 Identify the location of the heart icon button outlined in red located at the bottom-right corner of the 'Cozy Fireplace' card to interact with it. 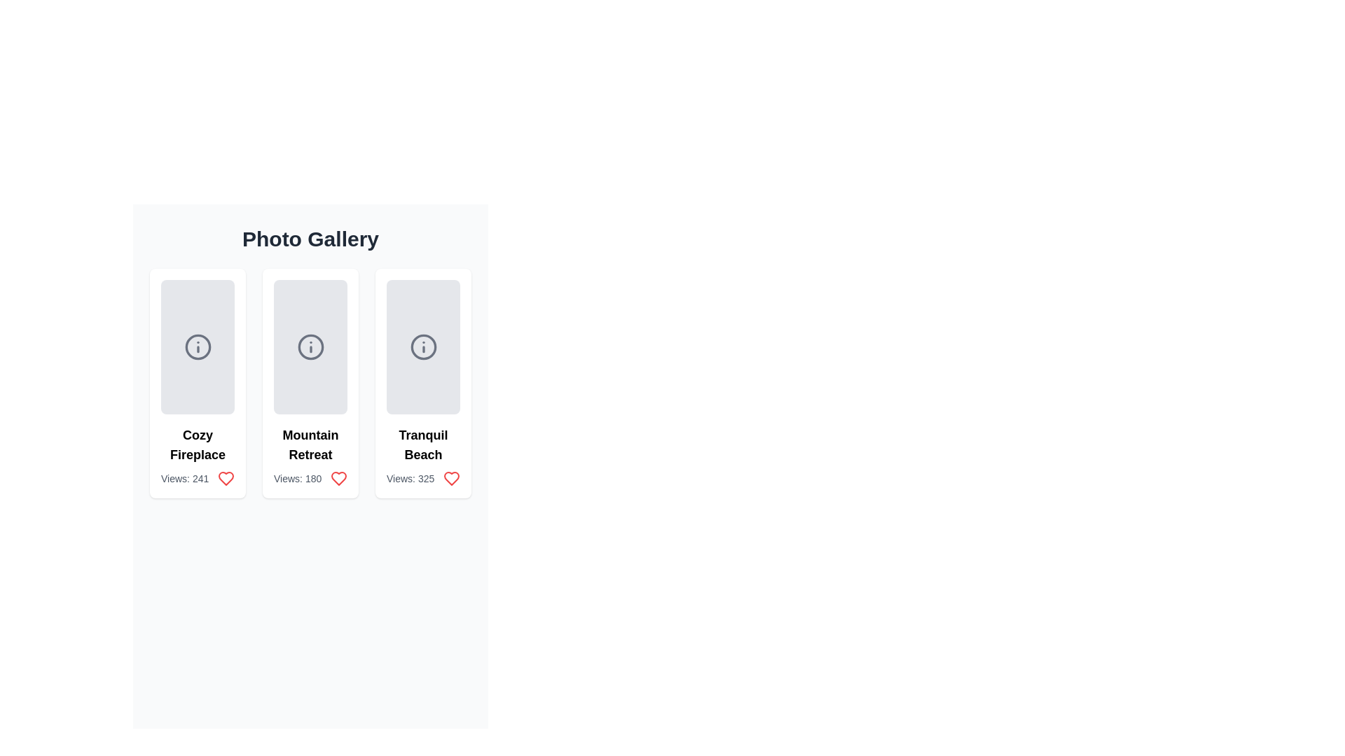
(226, 477).